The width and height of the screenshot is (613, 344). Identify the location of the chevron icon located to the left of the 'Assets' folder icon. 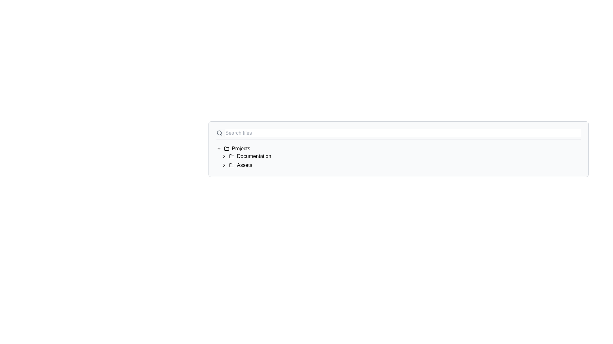
(224, 165).